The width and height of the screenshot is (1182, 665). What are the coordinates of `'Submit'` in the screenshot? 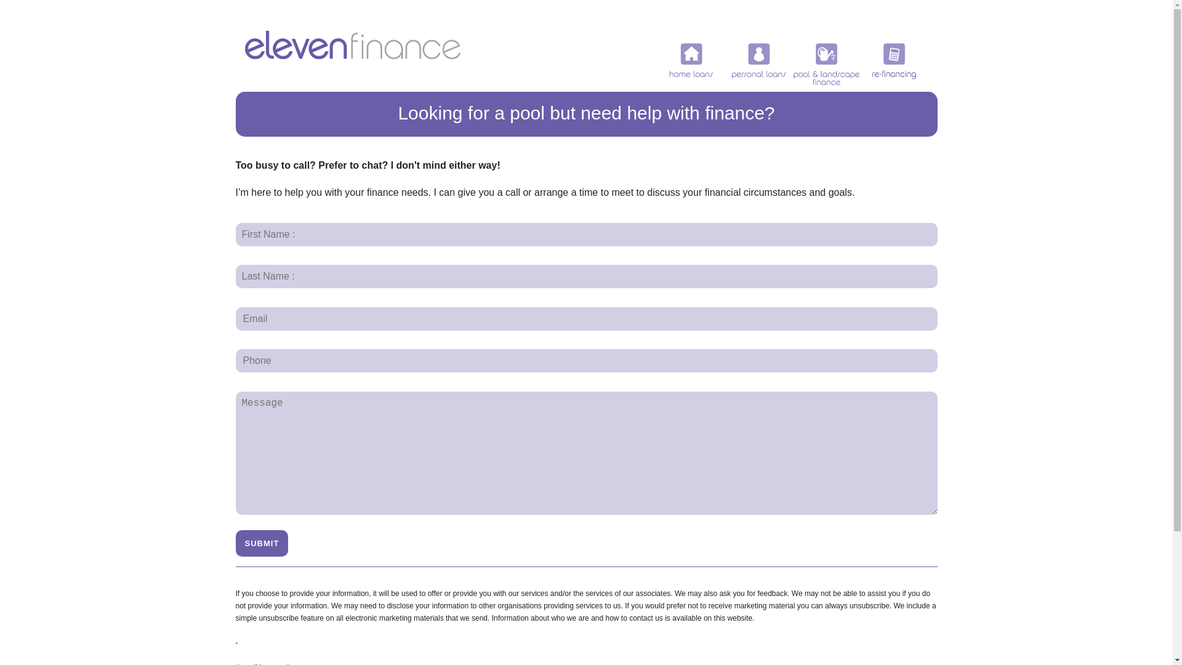 It's located at (261, 542).